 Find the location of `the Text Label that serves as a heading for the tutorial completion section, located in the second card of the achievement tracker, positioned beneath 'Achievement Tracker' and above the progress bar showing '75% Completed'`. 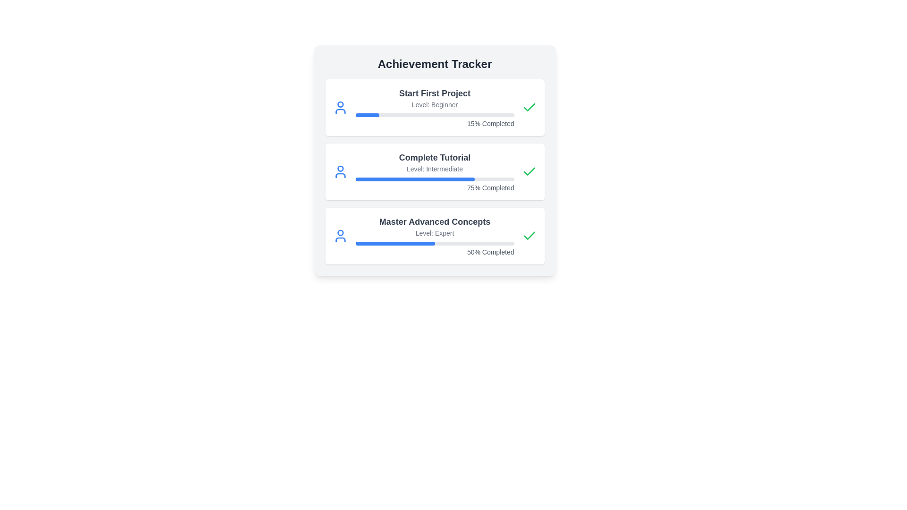

the Text Label that serves as a heading for the tutorial completion section, located in the second card of the achievement tracker, positioned beneath 'Achievement Tracker' and above the progress bar showing '75% Completed' is located at coordinates (434, 157).